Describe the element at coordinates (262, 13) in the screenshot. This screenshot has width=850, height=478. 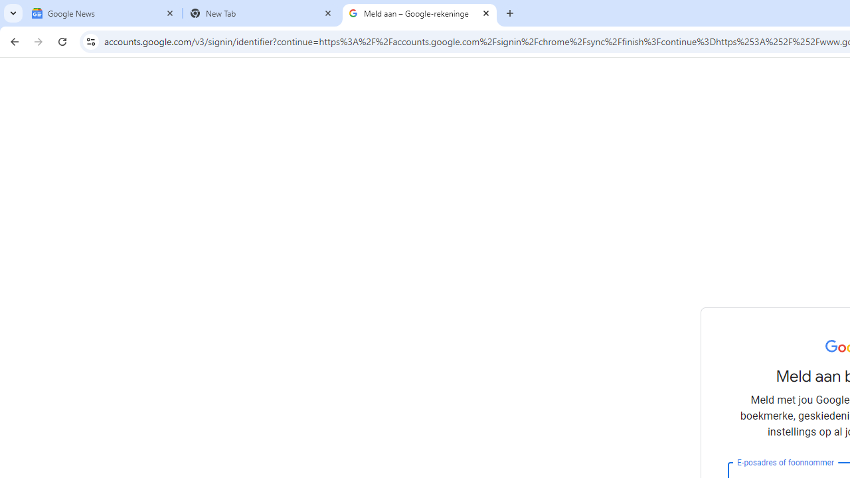
I see `'New Tab'` at that location.